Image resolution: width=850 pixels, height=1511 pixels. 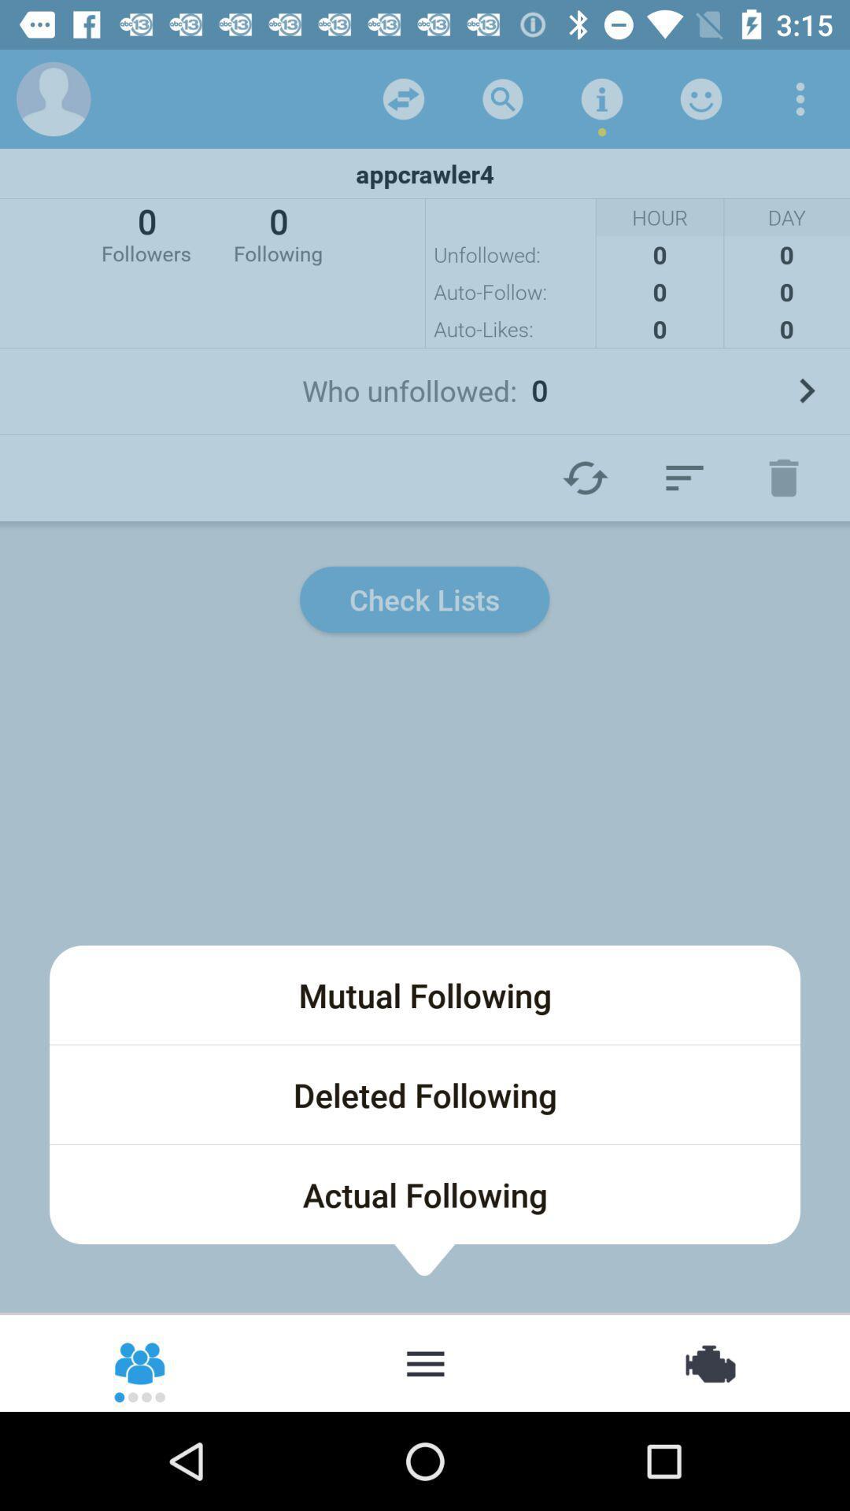 What do you see at coordinates (277, 232) in the screenshot?
I see `icon to the right of 0` at bounding box center [277, 232].